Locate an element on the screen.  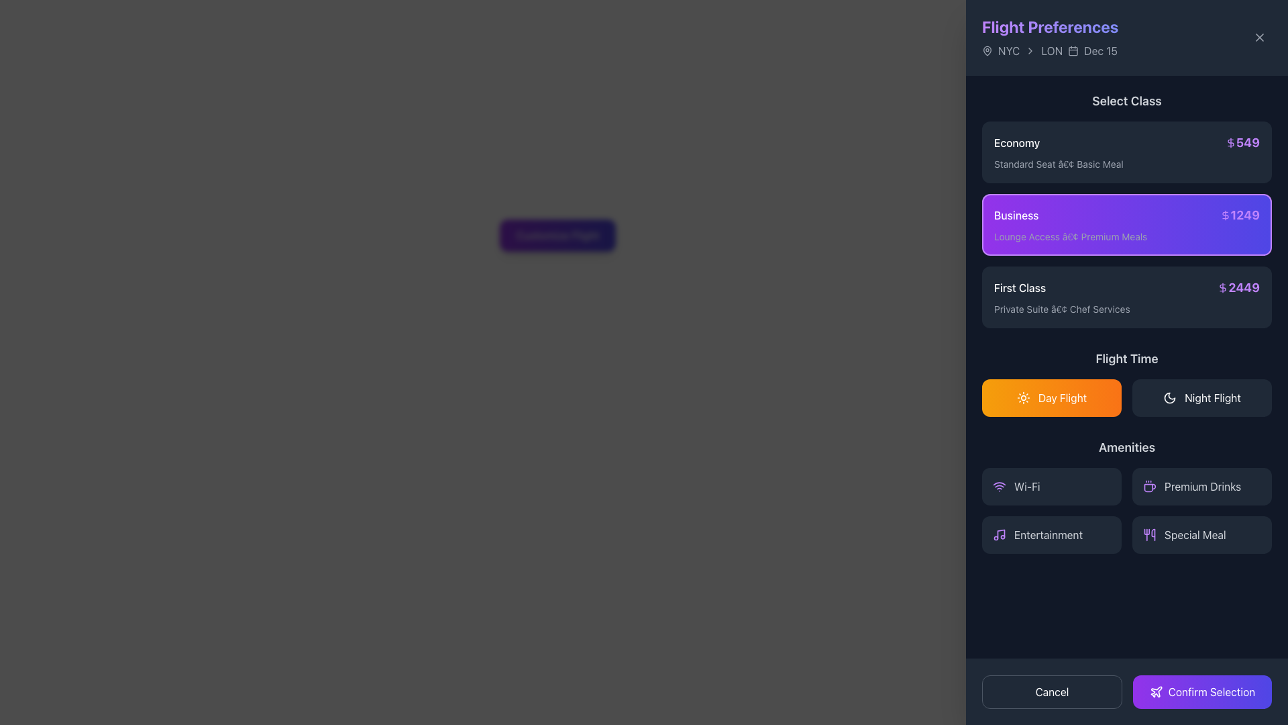
the close button located at the top-right corner of the 'Flight Preferences' panel is located at coordinates (1258, 37).